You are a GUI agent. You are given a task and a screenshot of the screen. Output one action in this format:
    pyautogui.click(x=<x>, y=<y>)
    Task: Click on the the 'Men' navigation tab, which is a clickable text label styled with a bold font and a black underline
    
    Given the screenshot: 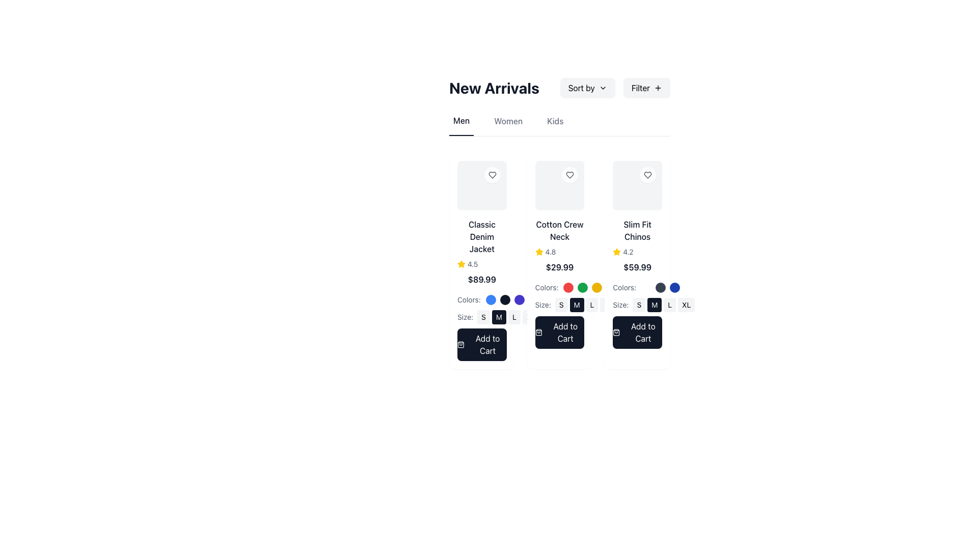 What is the action you would take?
    pyautogui.click(x=461, y=125)
    